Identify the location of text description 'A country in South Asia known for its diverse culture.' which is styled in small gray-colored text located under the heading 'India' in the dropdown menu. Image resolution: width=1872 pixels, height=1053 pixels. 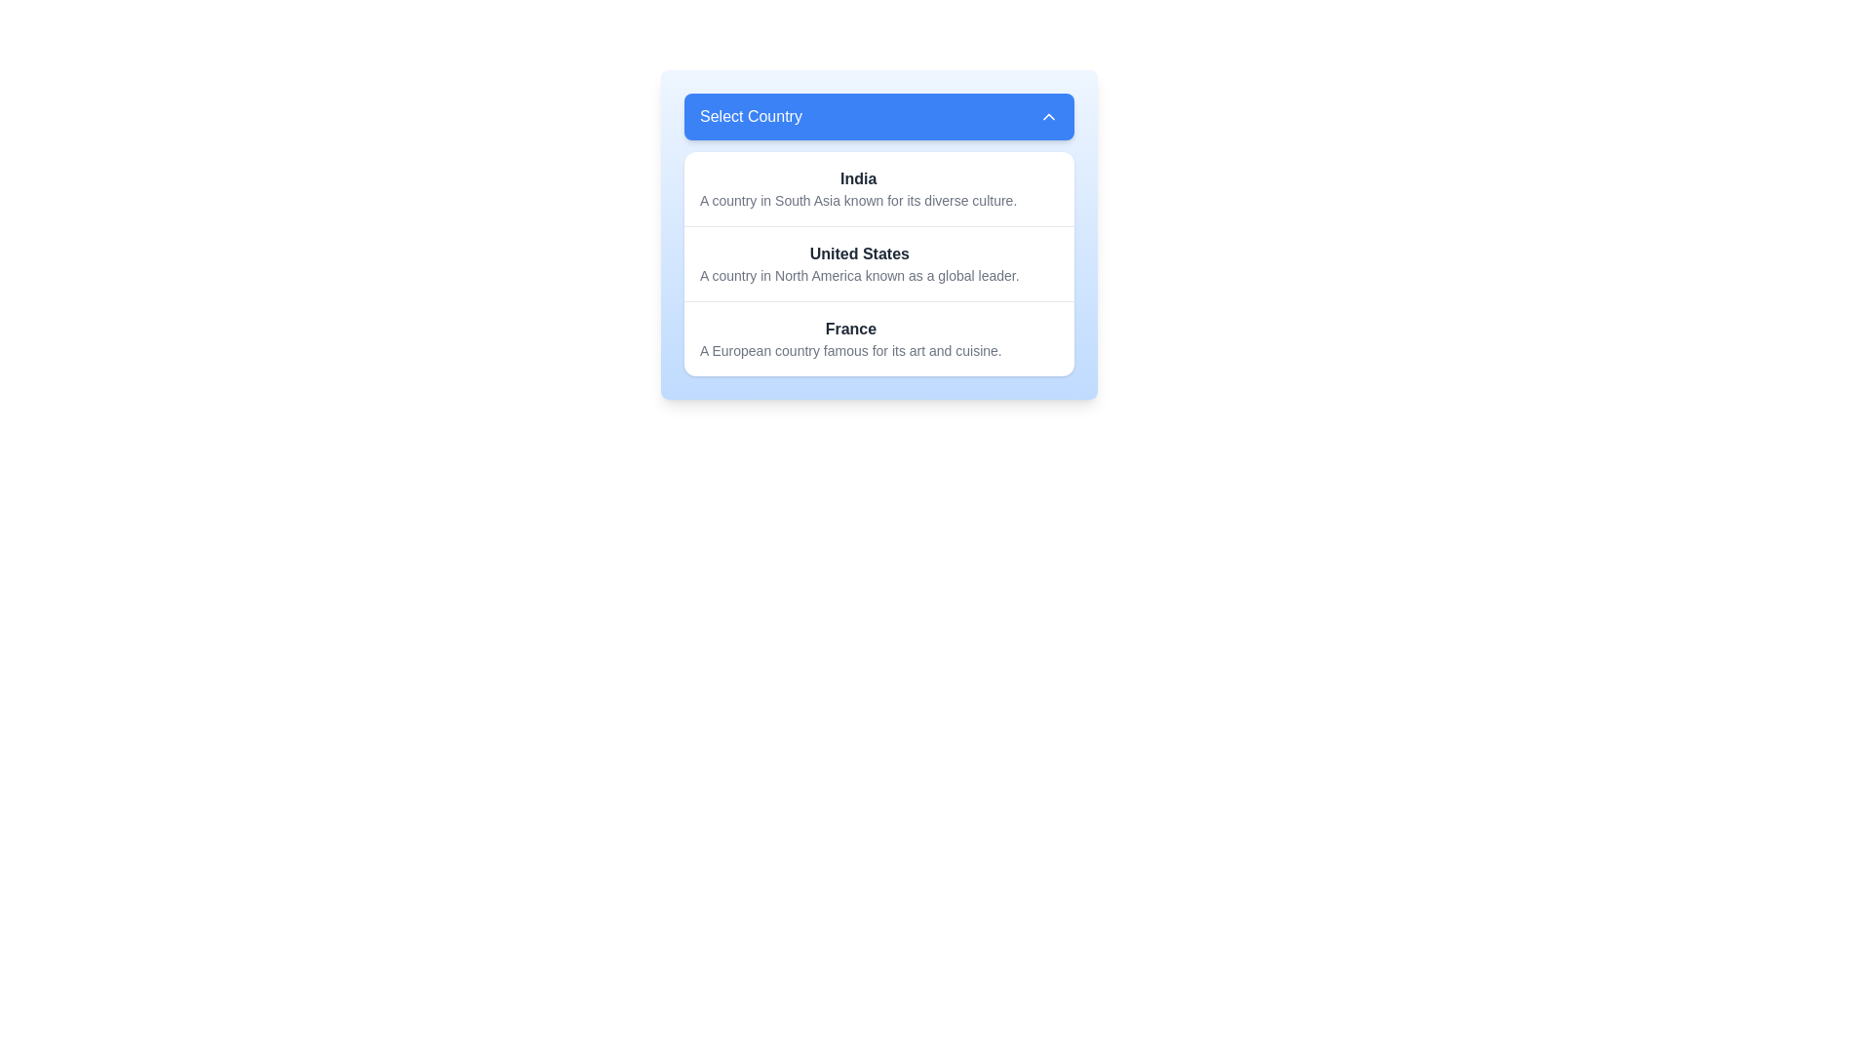
(858, 200).